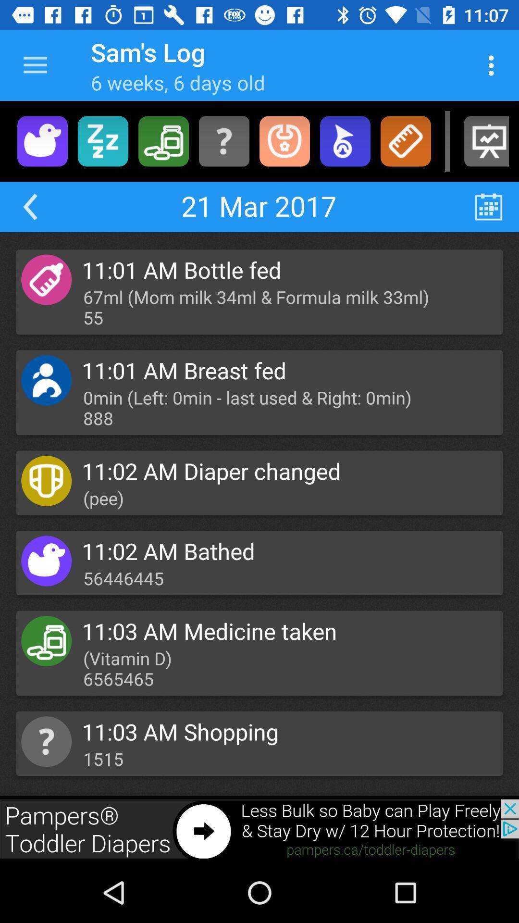 The width and height of the screenshot is (519, 923). I want to click on eating, so click(284, 140).